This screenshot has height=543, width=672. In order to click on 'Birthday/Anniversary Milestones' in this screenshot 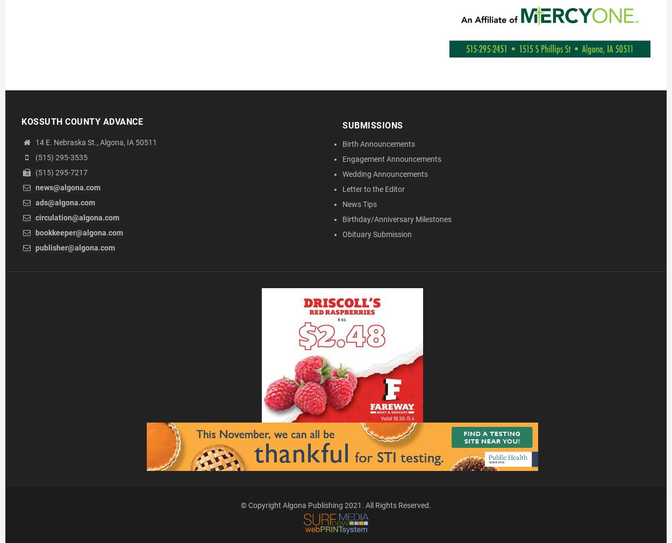, I will do `click(396, 219)`.